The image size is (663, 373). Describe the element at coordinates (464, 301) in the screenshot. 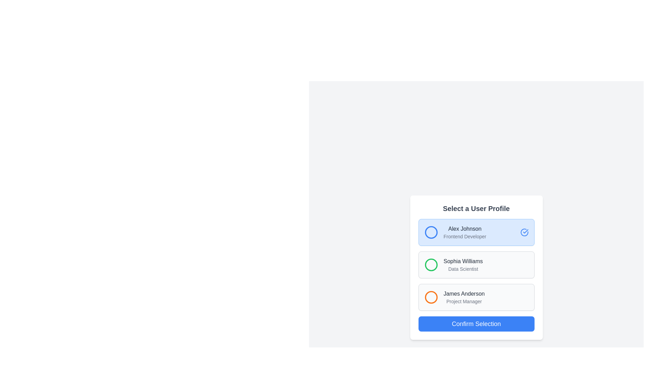

I see `descriptive subtitle text label below the name 'James Anderson' in the third profile card of the user profile selection list` at that location.